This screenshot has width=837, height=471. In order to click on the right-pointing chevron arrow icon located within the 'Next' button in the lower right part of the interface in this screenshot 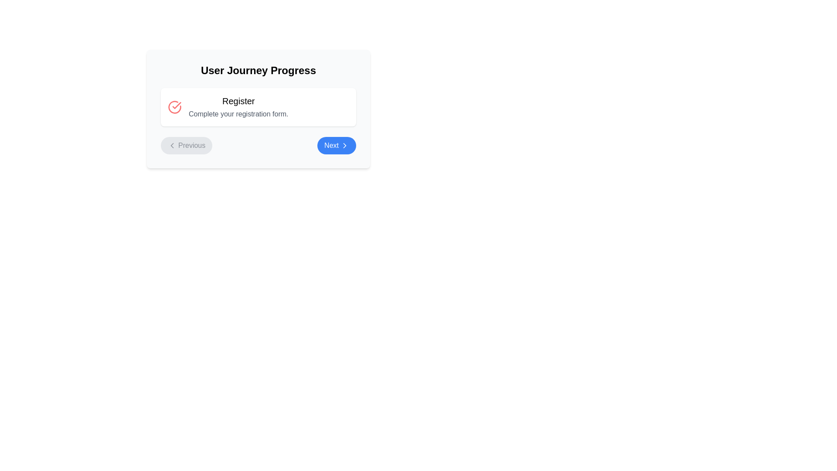, I will do `click(344, 145)`.